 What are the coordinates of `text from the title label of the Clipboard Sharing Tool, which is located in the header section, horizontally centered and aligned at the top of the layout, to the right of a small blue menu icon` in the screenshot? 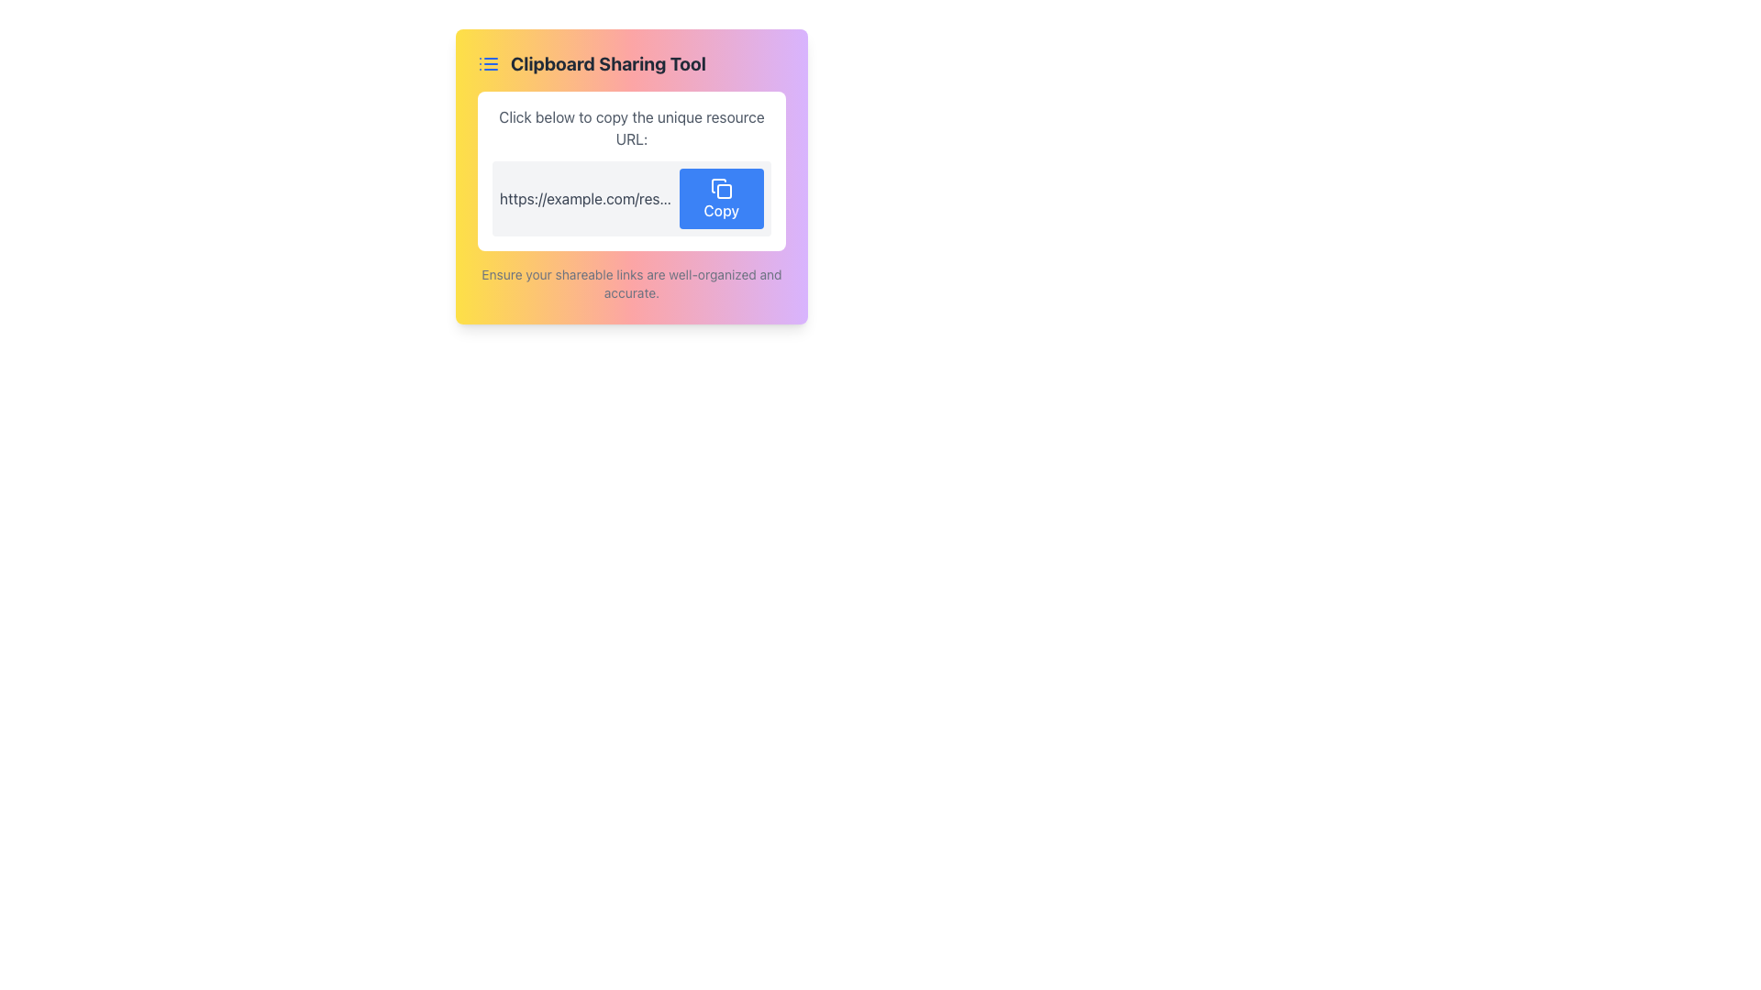 It's located at (608, 62).